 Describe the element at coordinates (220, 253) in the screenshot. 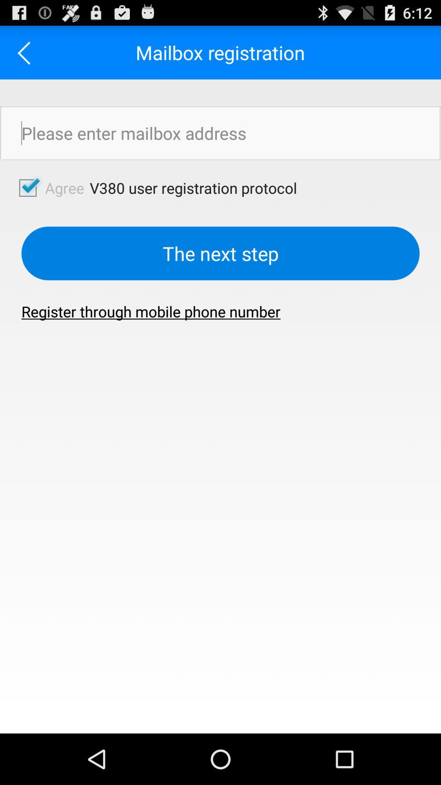

I see `button above the register through mobile icon` at that location.